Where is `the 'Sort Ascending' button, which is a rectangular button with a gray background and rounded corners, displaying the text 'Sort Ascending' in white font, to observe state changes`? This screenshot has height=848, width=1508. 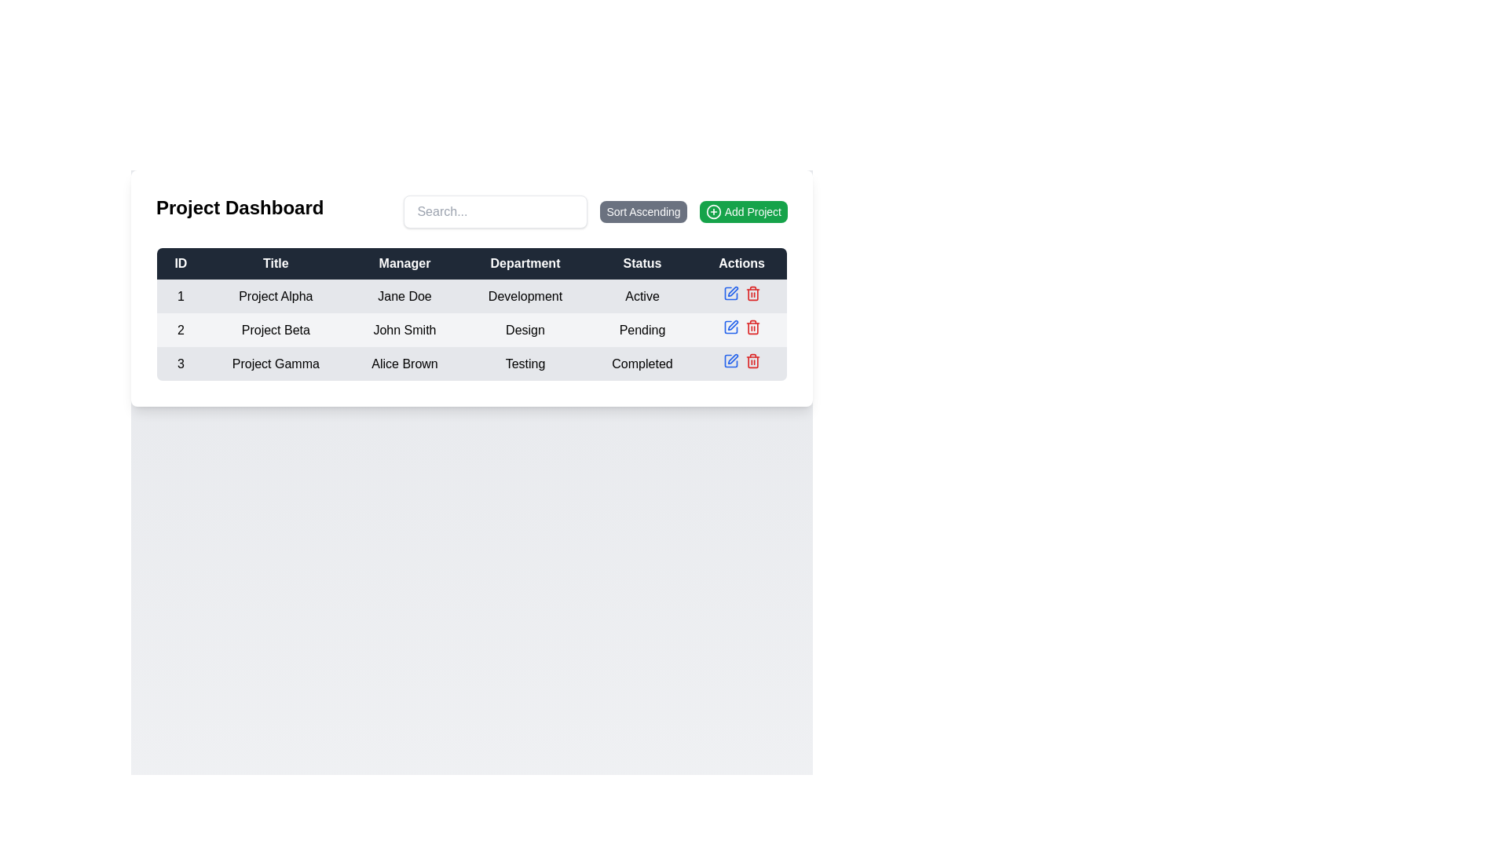
the 'Sort Ascending' button, which is a rectangular button with a gray background and rounded corners, displaying the text 'Sort Ascending' in white font, to observe state changes is located at coordinates (643, 212).